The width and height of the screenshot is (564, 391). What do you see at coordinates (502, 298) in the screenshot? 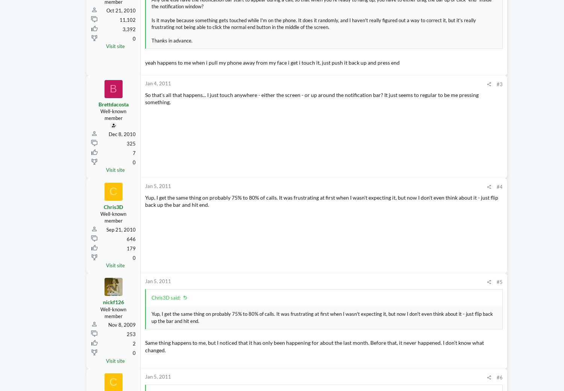
I see `'Android 14 Stable/One UI 6.0 Now Out'` at bounding box center [502, 298].